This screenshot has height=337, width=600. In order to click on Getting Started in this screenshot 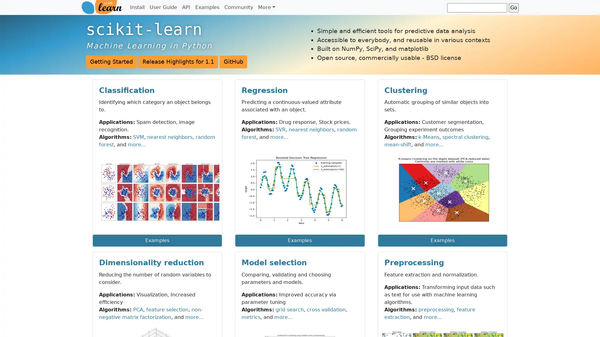, I will do `click(111, 61)`.